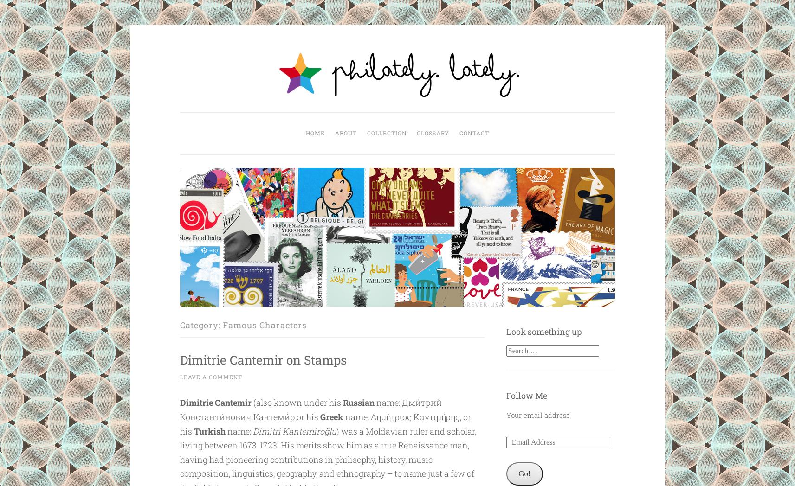 Image resolution: width=795 pixels, height=486 pixels. I want to click on 'Your email address:', so click(537, 414).